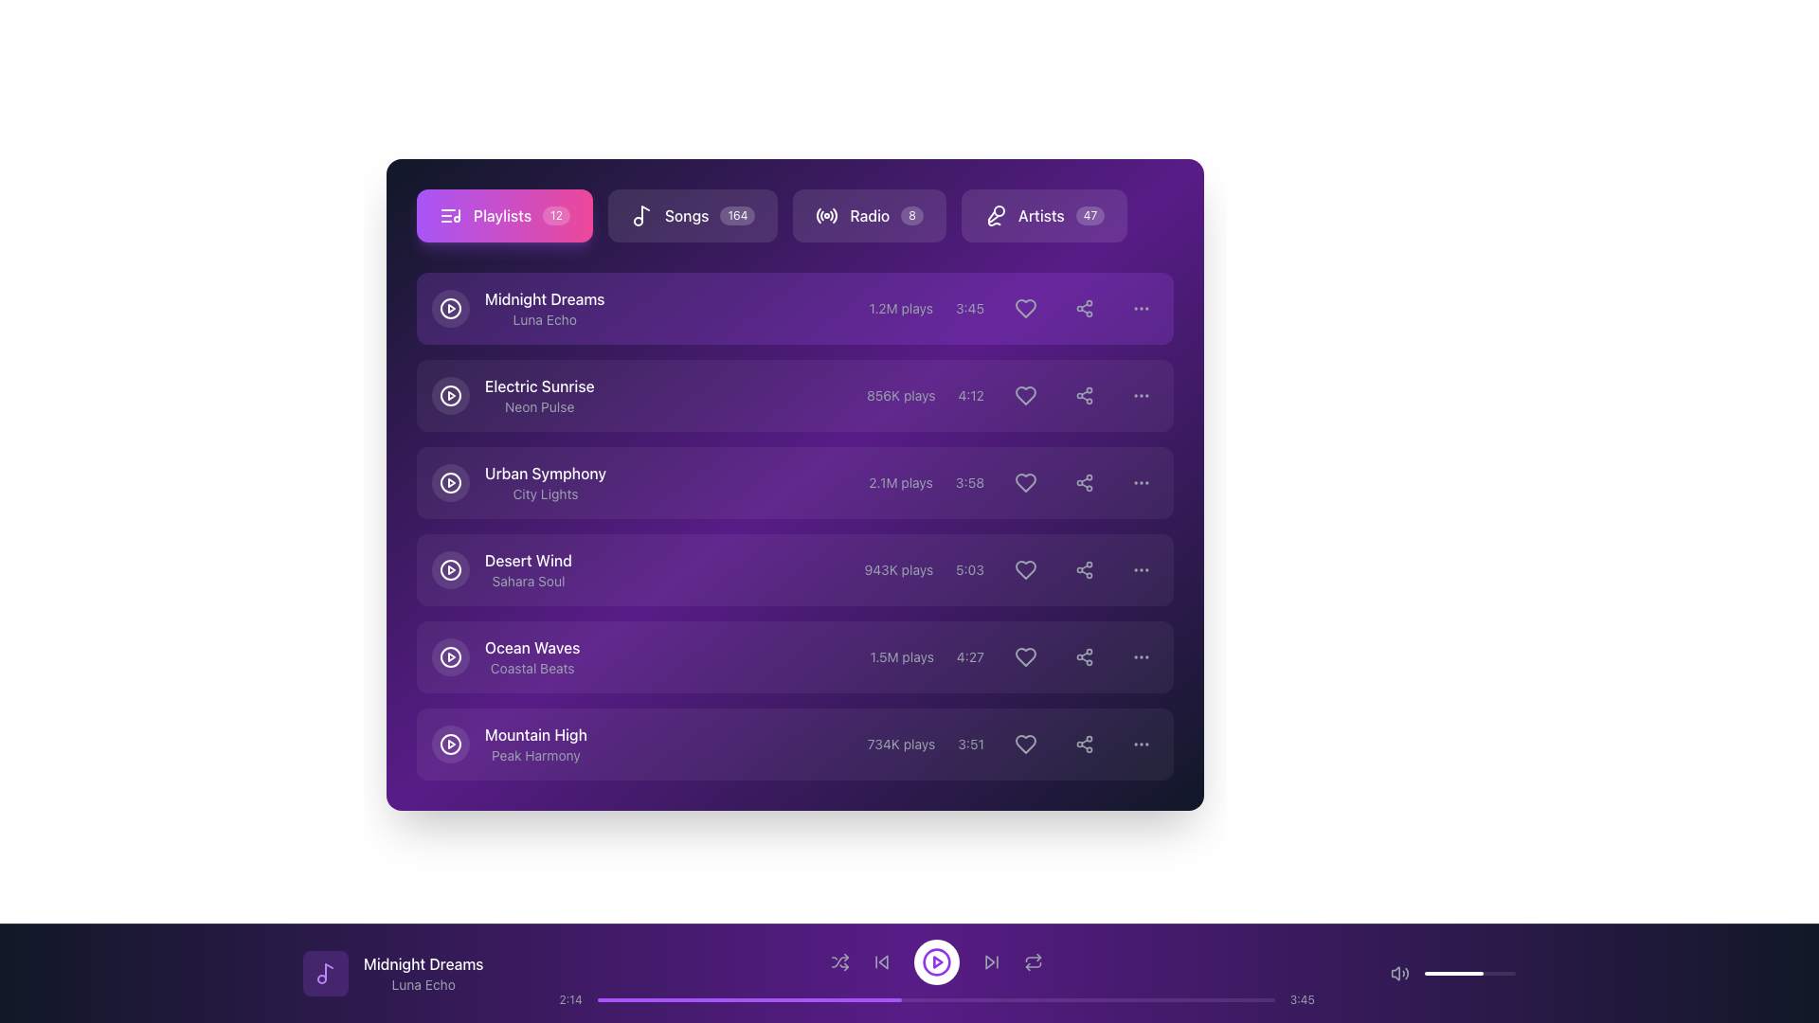 This screenshot has height=1023, width=1819. Describe the element at coordinates (326, 974) in the screenshot. I see `the Icon Button` at that location.